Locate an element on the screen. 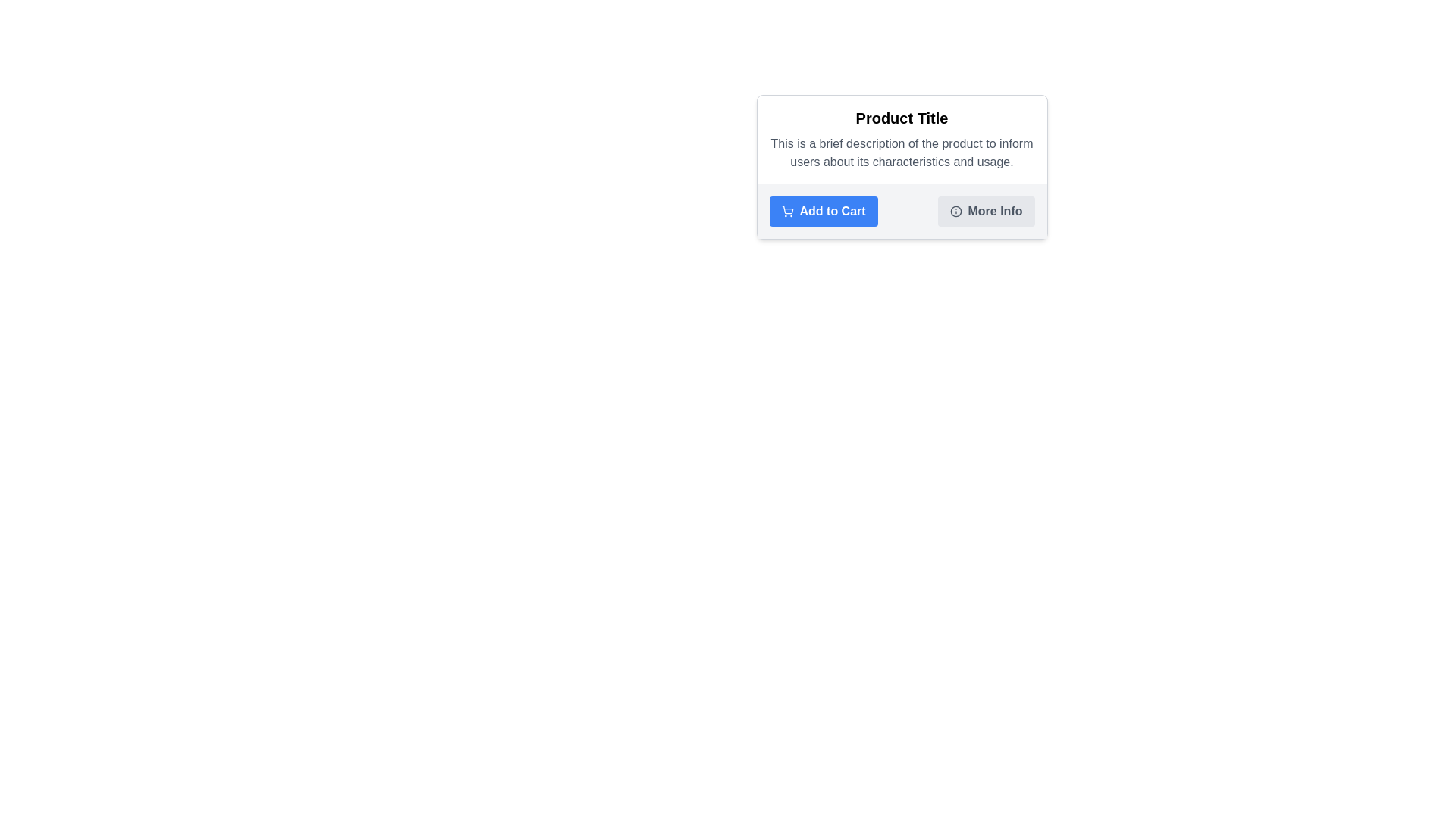 The height and width of the screenshot is (819, 1456). the shopping cart icon within the 'Add to Cart' button, which is styled with a blue background and white fill, located to the left of the button's text label is located at coordinates (787, 211).